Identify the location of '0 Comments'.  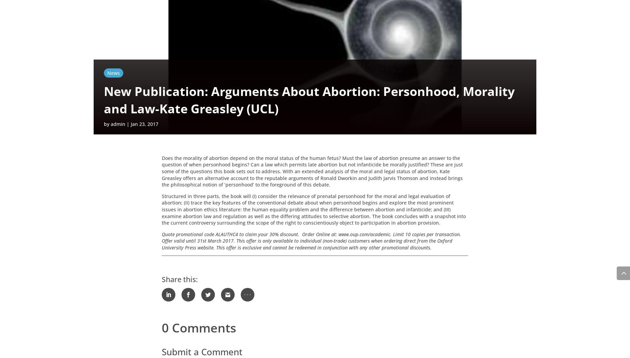
(199, 329).